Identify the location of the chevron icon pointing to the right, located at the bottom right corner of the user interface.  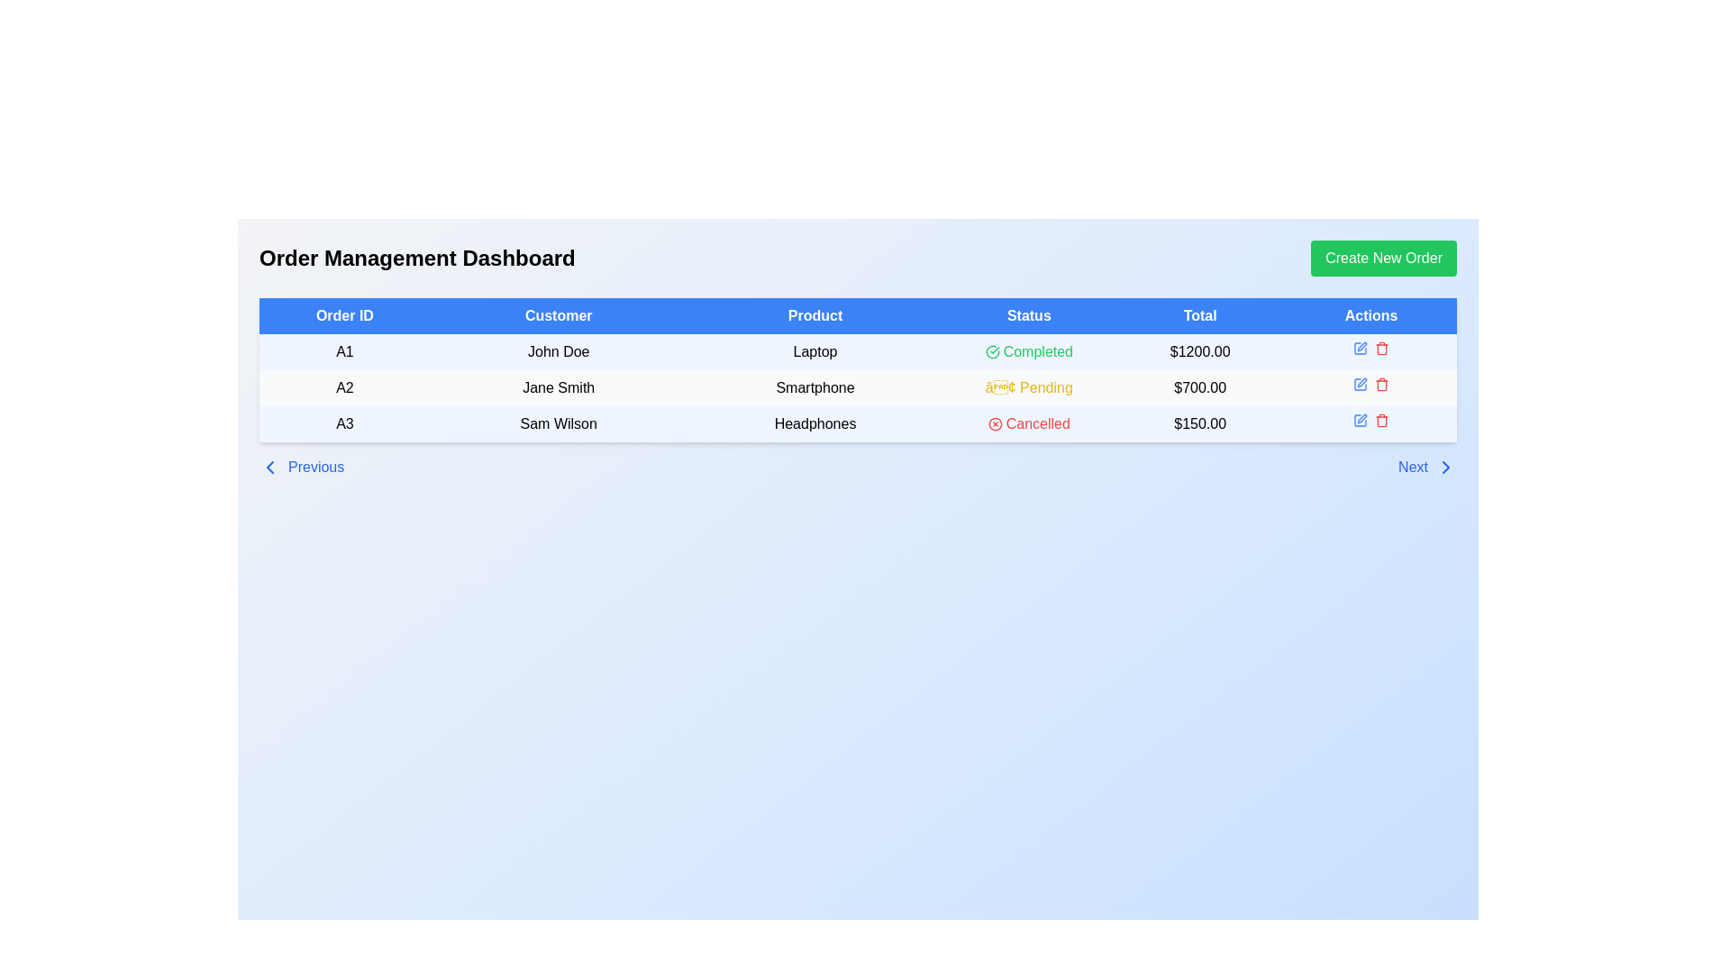
(1445, 467).